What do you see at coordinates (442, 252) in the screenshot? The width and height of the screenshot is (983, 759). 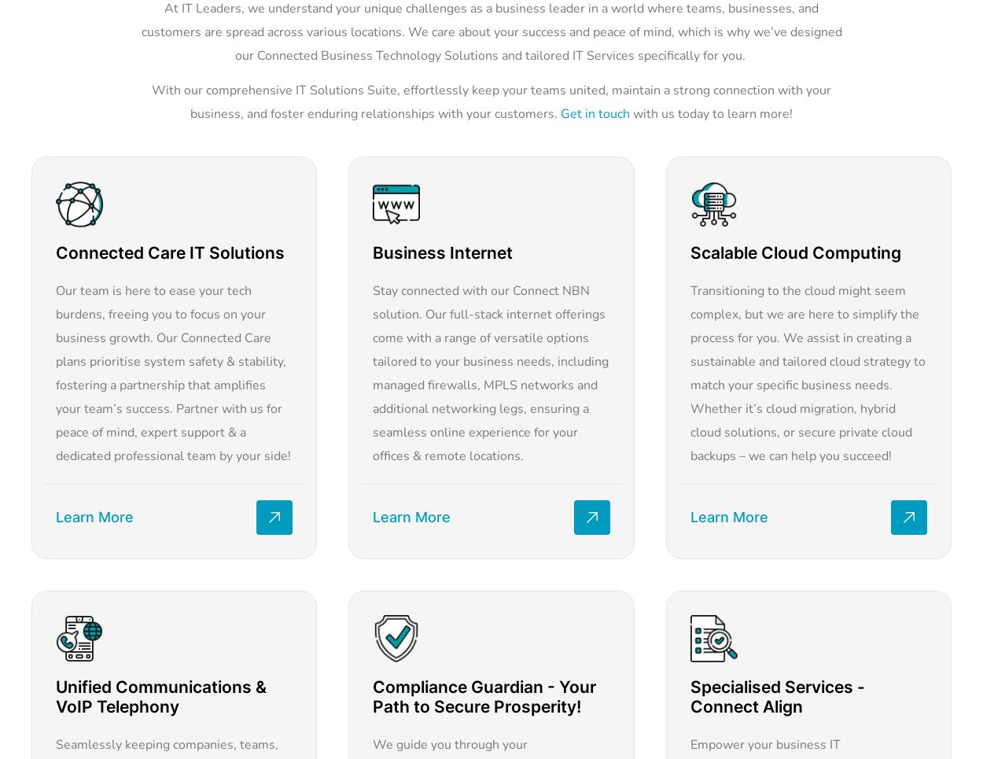 I see `'Business Internet'` at bounding box center [442, 252].